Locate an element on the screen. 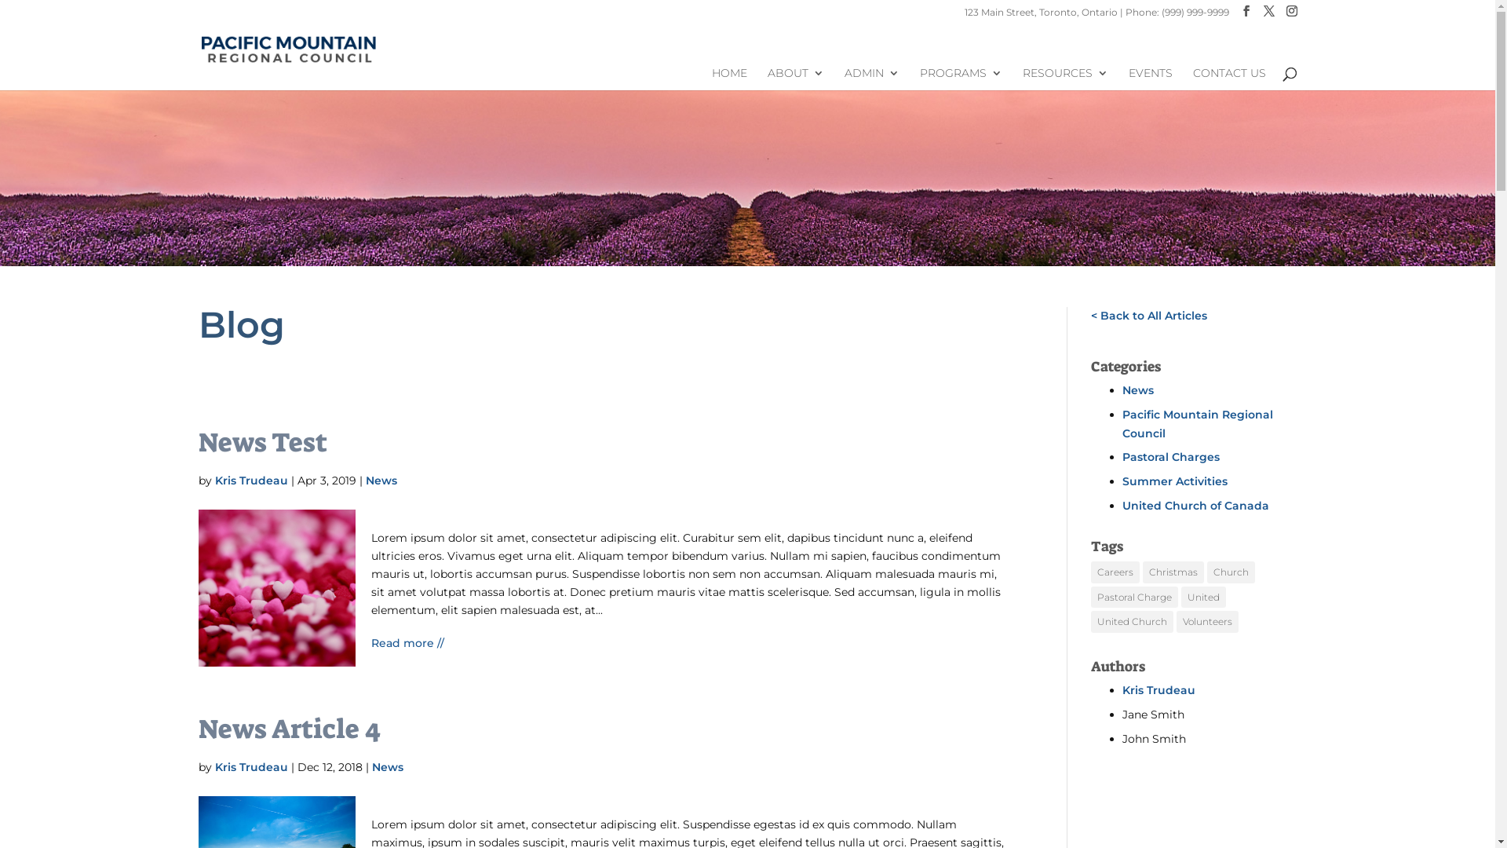 Image resolution: width=1507 pixels, height=848 pixels. 'United Church' is located at coordinates (1132, 620).